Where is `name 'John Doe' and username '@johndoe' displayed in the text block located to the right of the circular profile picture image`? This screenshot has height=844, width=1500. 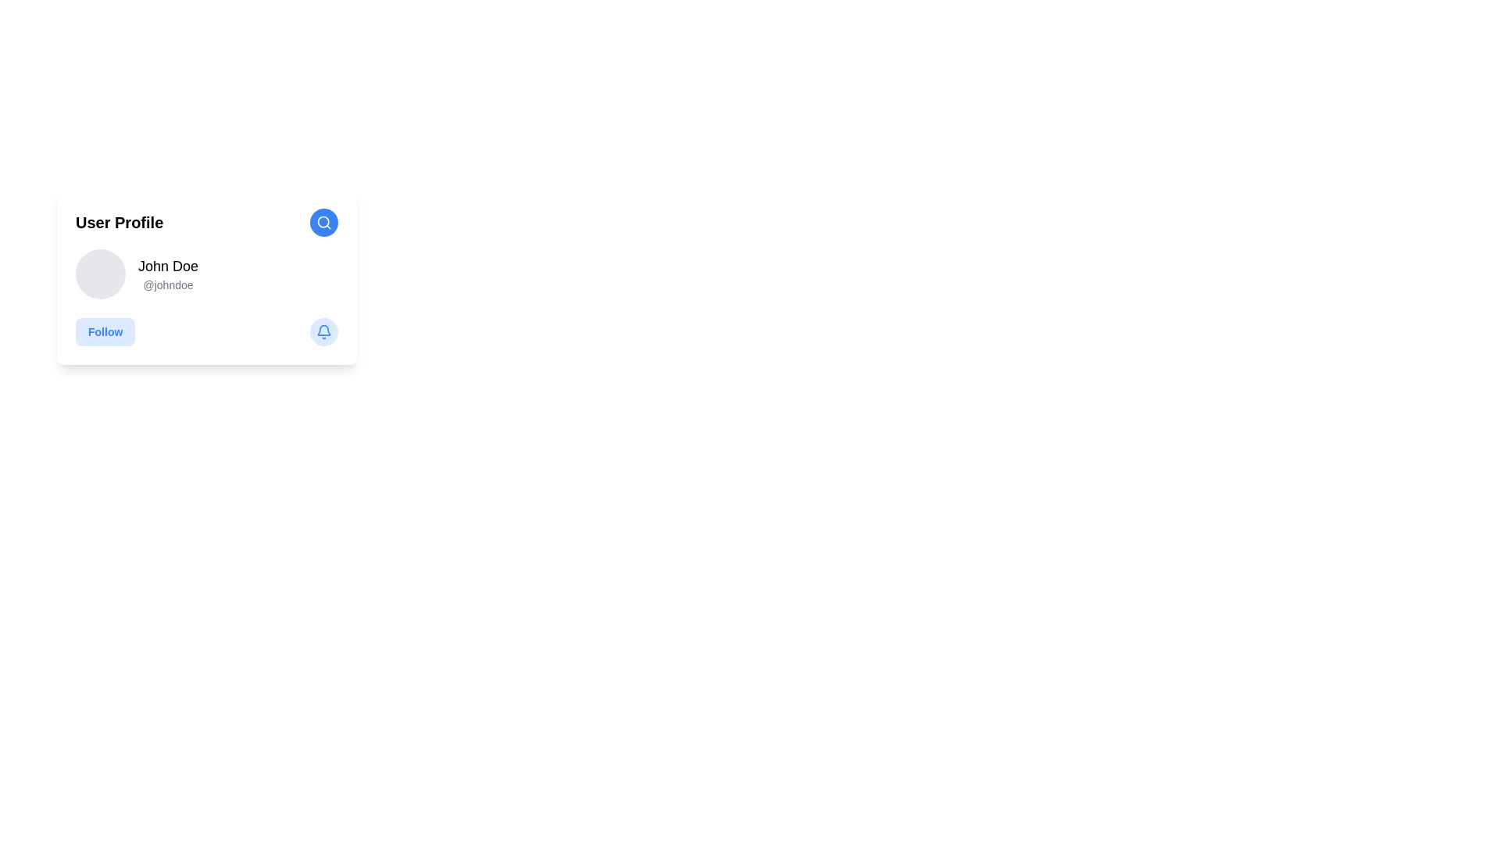
name 'John Doe' and username '@johndoe' displayed in the text block located to the right of the circular profile picture image is located at coordinates (168, 274).